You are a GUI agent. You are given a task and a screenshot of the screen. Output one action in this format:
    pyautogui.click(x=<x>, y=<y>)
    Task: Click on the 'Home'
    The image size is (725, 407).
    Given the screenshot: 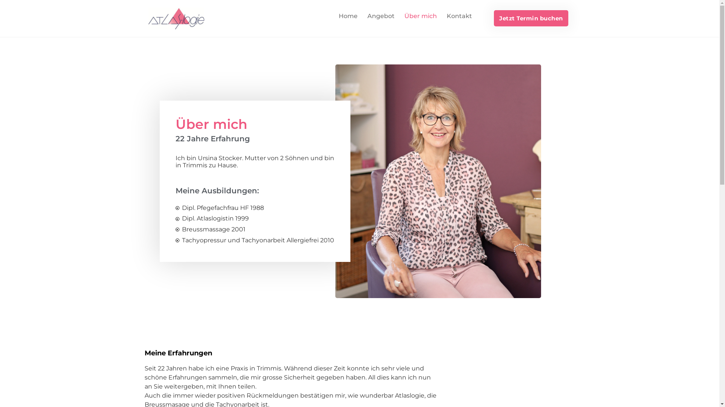 What is the action you would take?
    pyautogui.click(x=347, y=16)
    